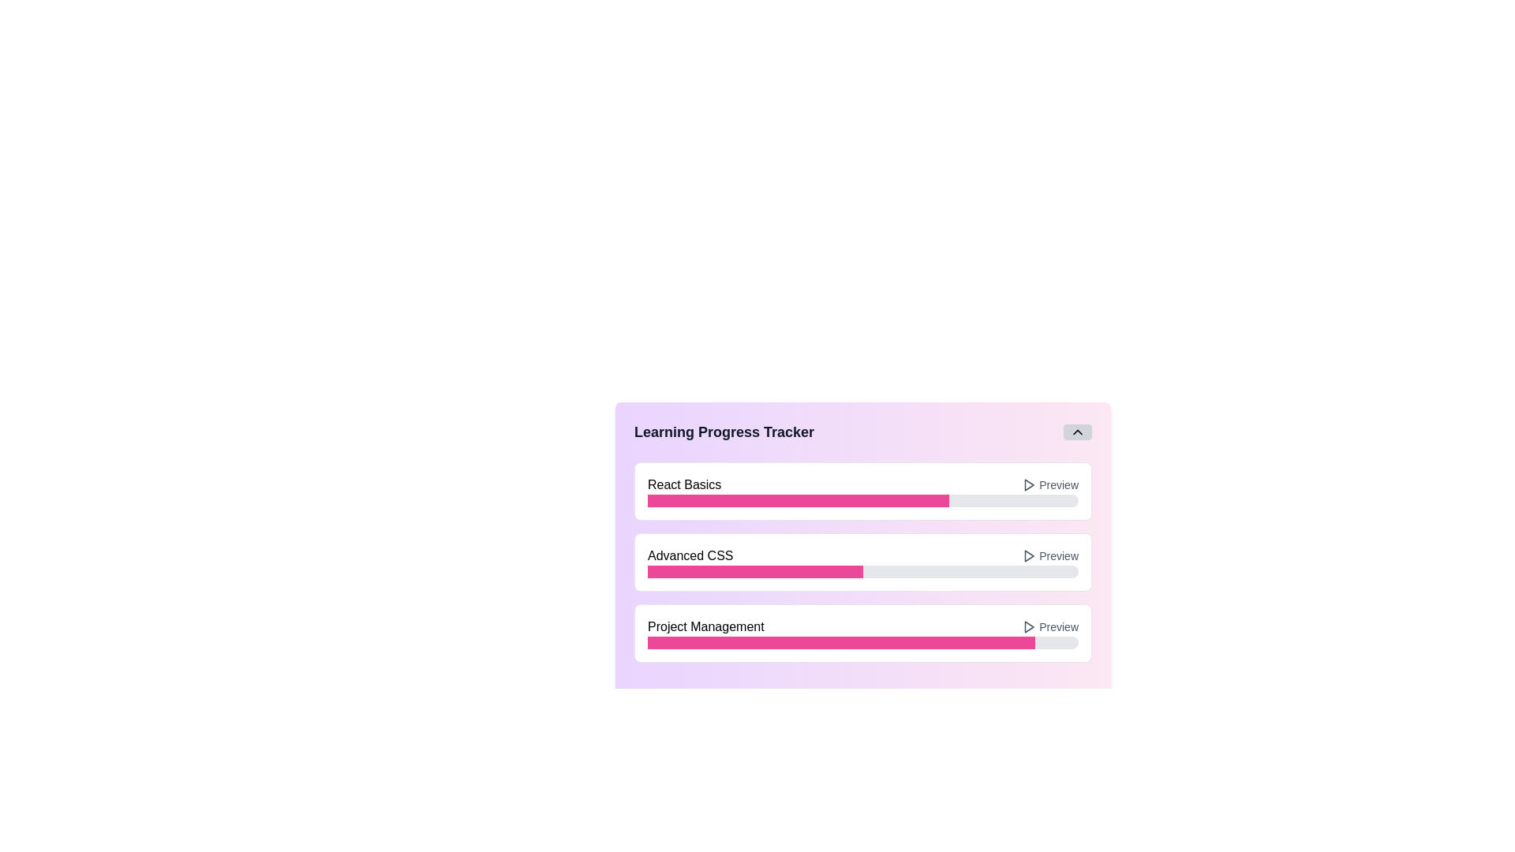  I want to click on the 'Advanced CSS' list item which includes a progress bar and a 'Preview' button in the progress tracker interface, so click(862, 555).